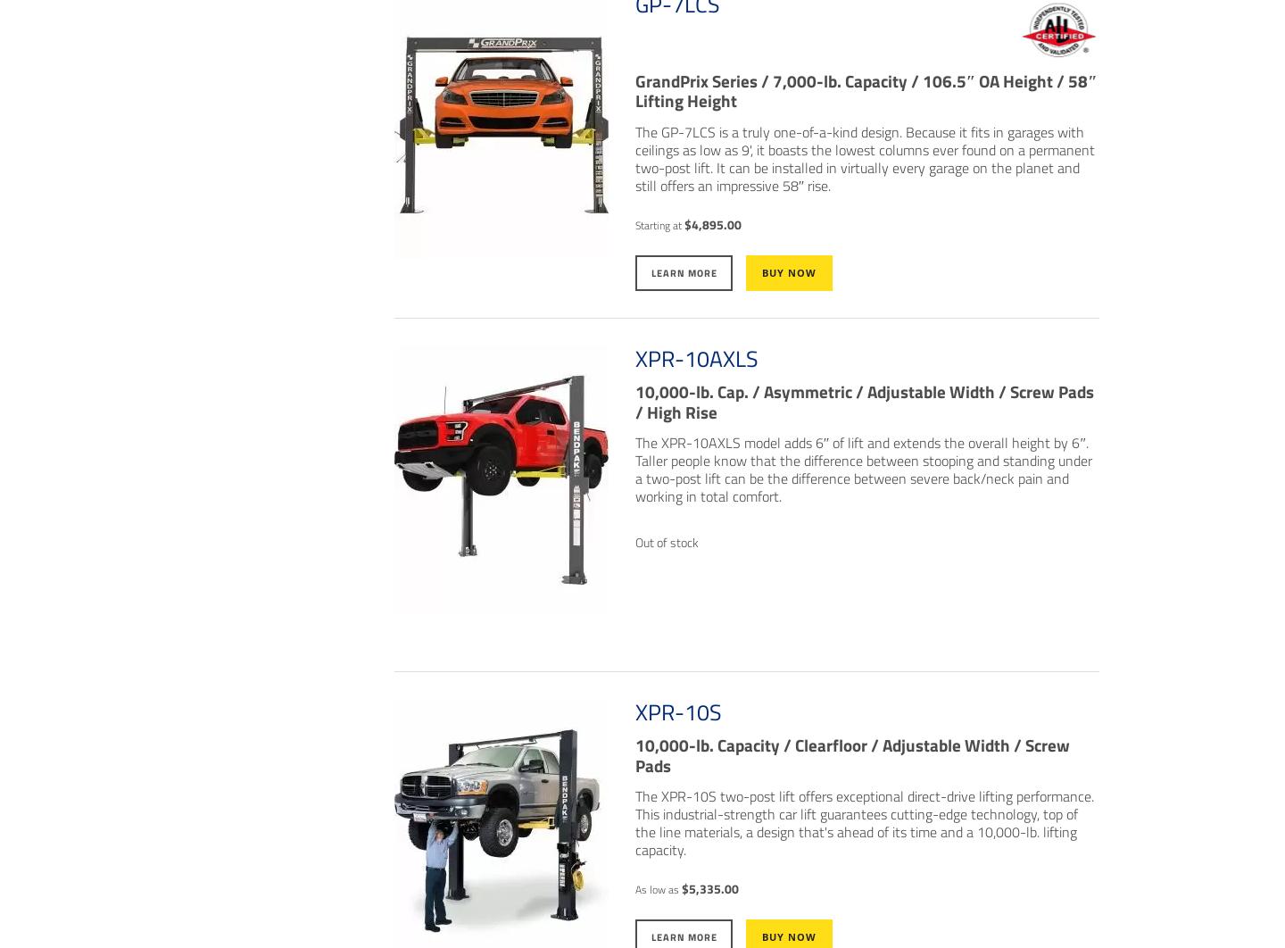  I want to click on 'As low as', so click(655, 888).